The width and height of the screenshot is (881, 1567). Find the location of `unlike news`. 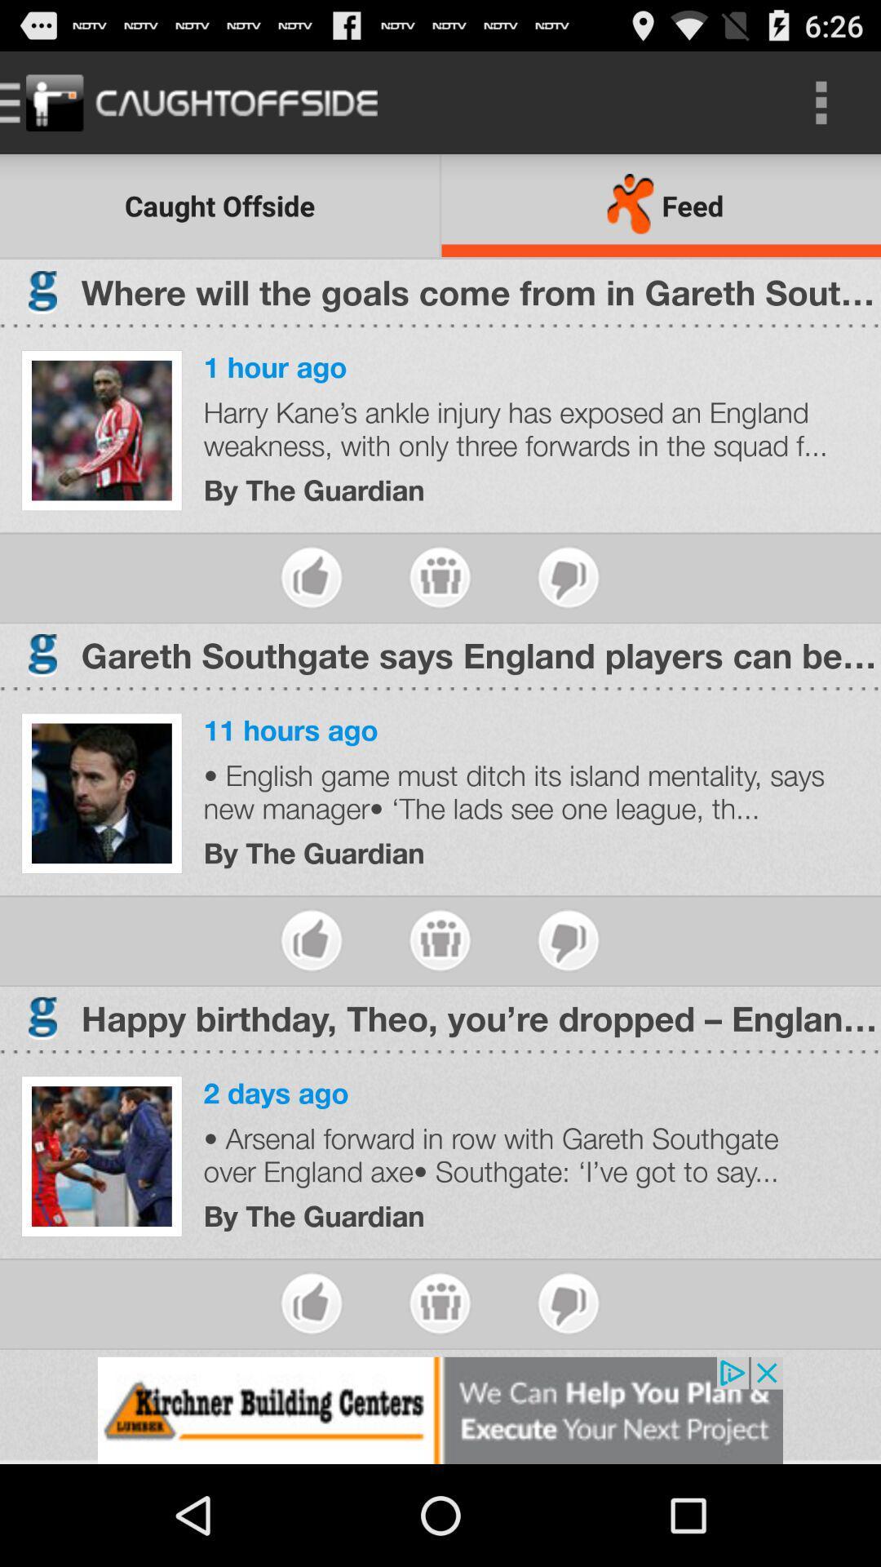

unlike news is located at coordinates (568, 940).